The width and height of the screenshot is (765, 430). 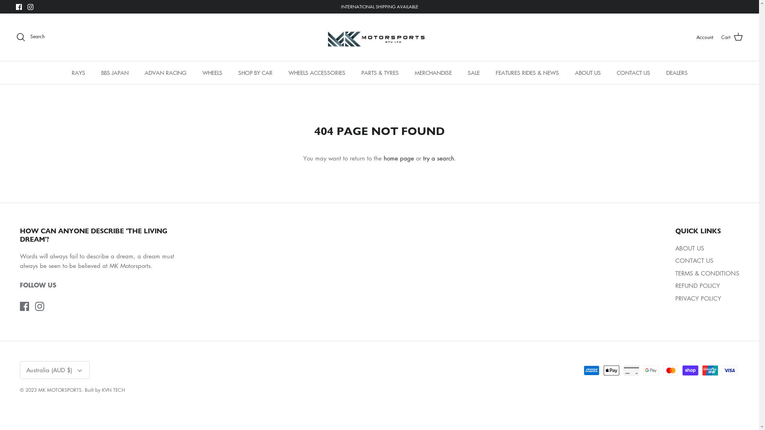 What do you see at coordinates (212, 72) in the screenshot?
I see `'WHEELS'` at bounding box center [212, 72].